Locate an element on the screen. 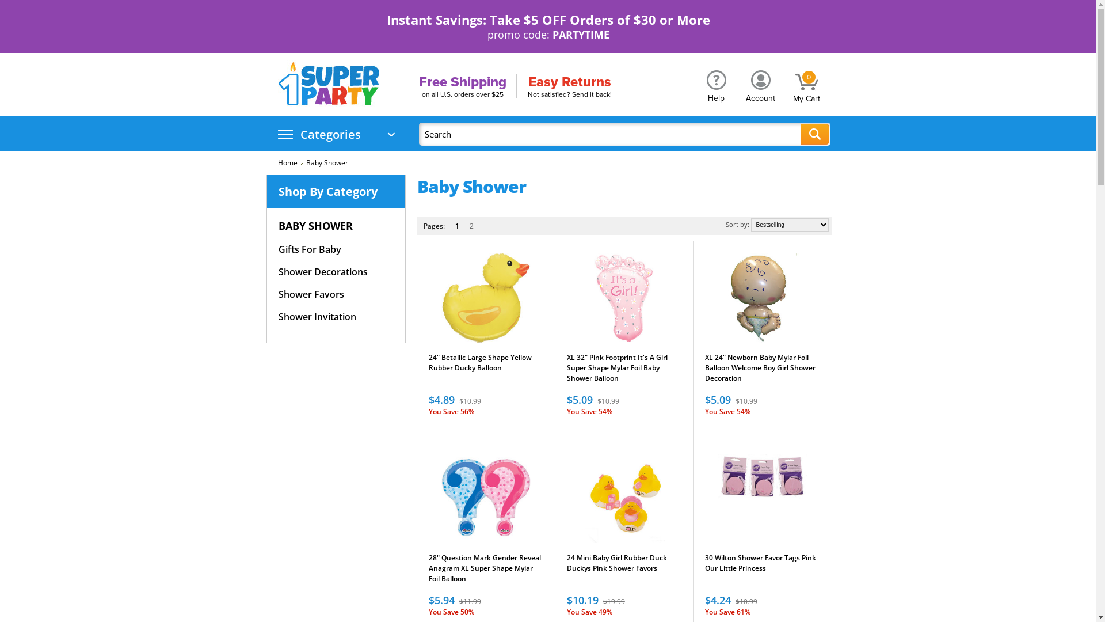  'BABY SHOWER' is located at coordinates (322, 226).